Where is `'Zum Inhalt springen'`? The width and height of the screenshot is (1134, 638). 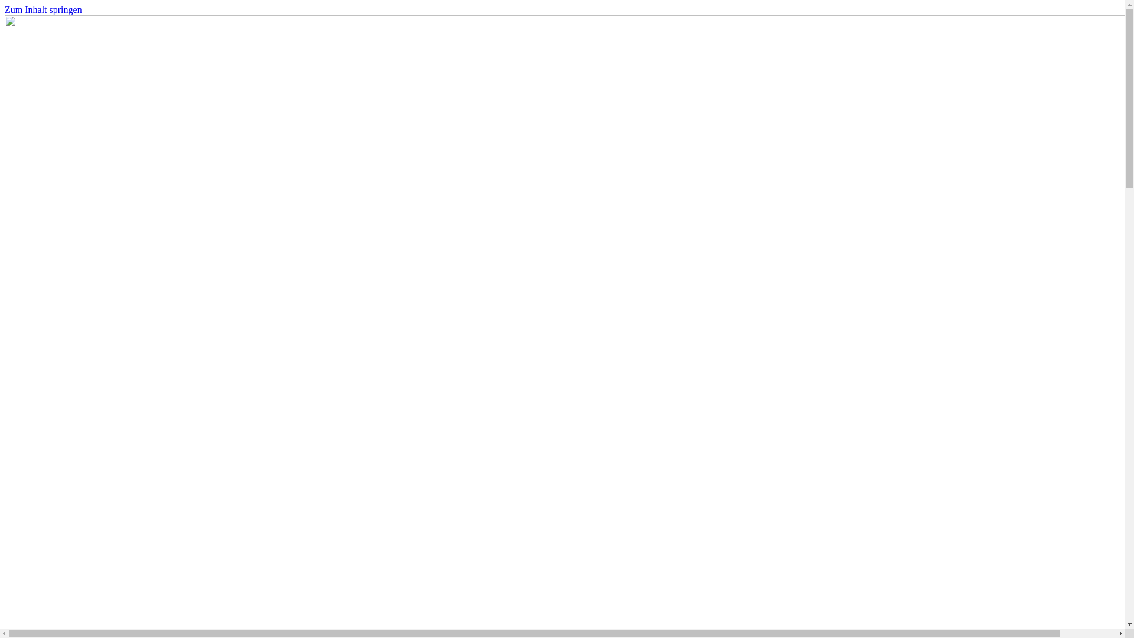 'Zum Inhalt springen' is located at coordinates (5, 9).